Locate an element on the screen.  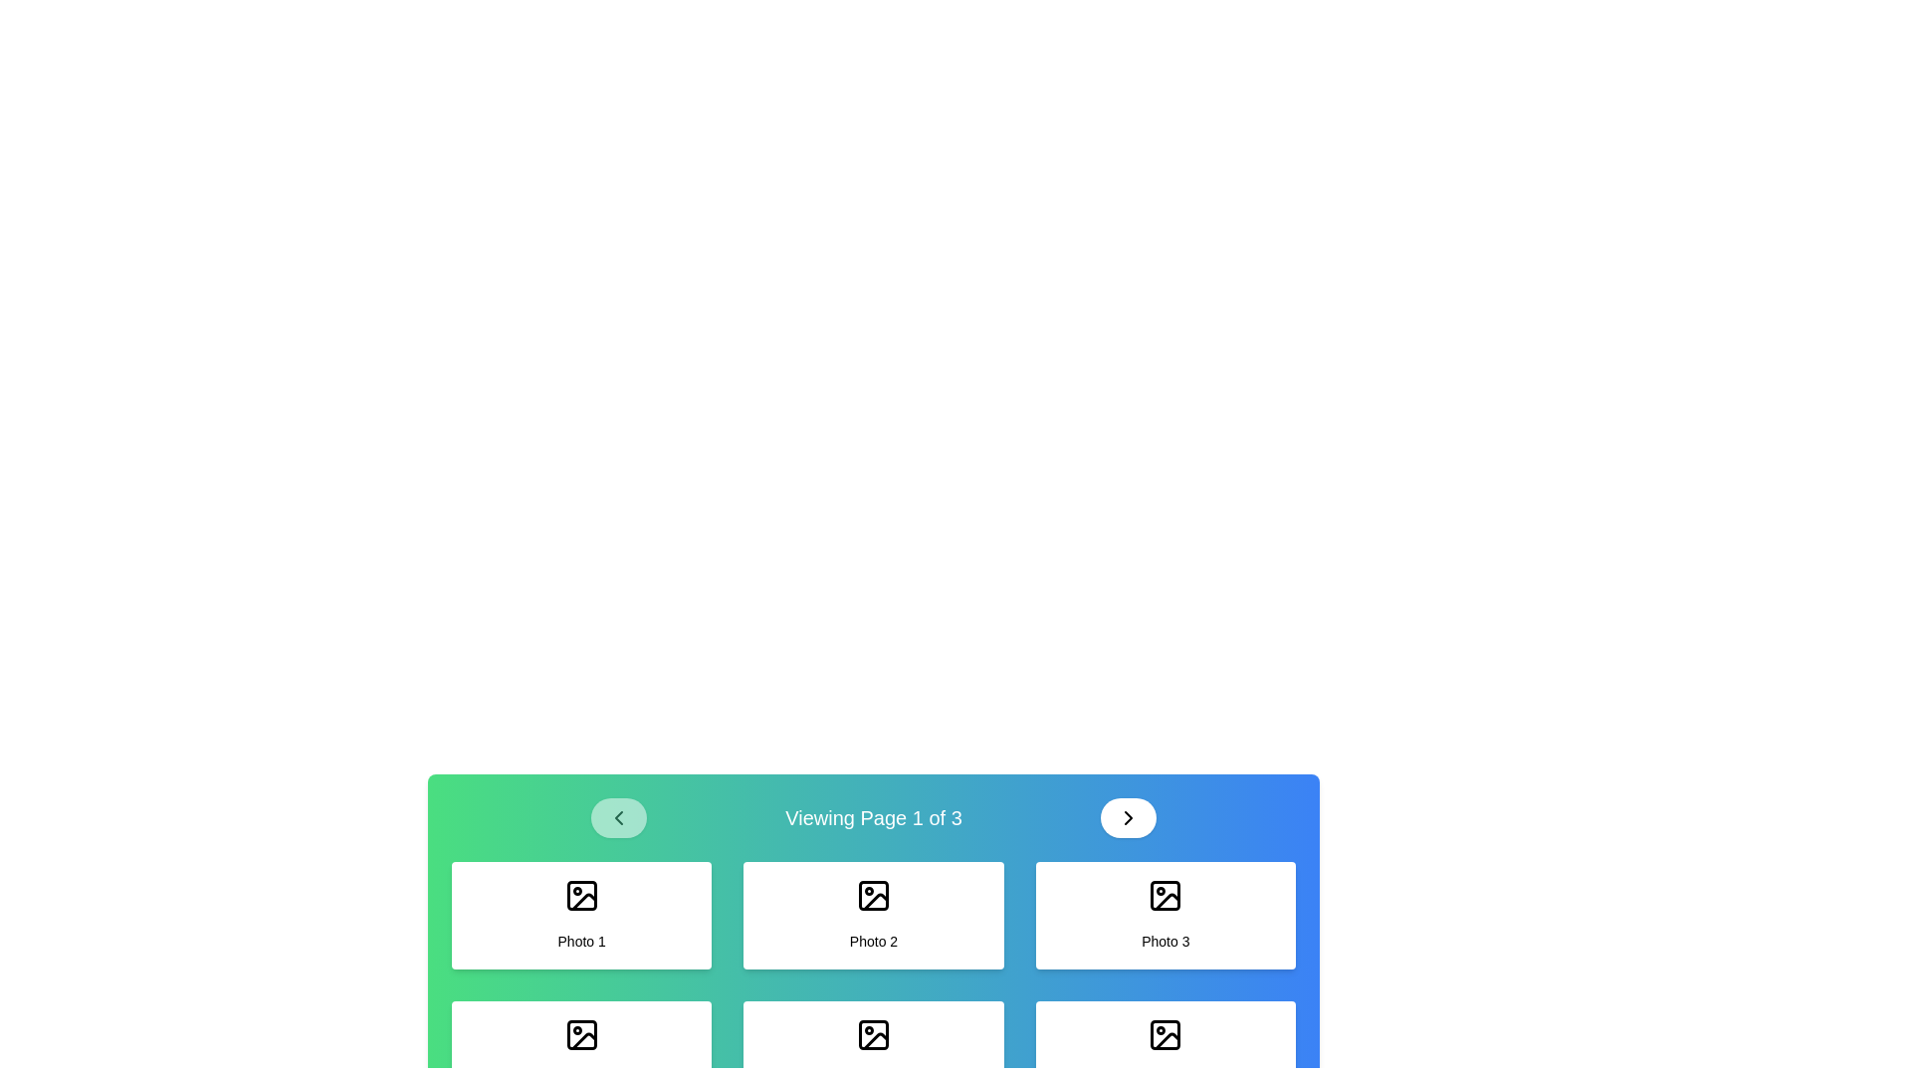
the 'Photo 1' text label located at the bottom of the card element on the left side of the grid layout is located at coordinates (580, 941).